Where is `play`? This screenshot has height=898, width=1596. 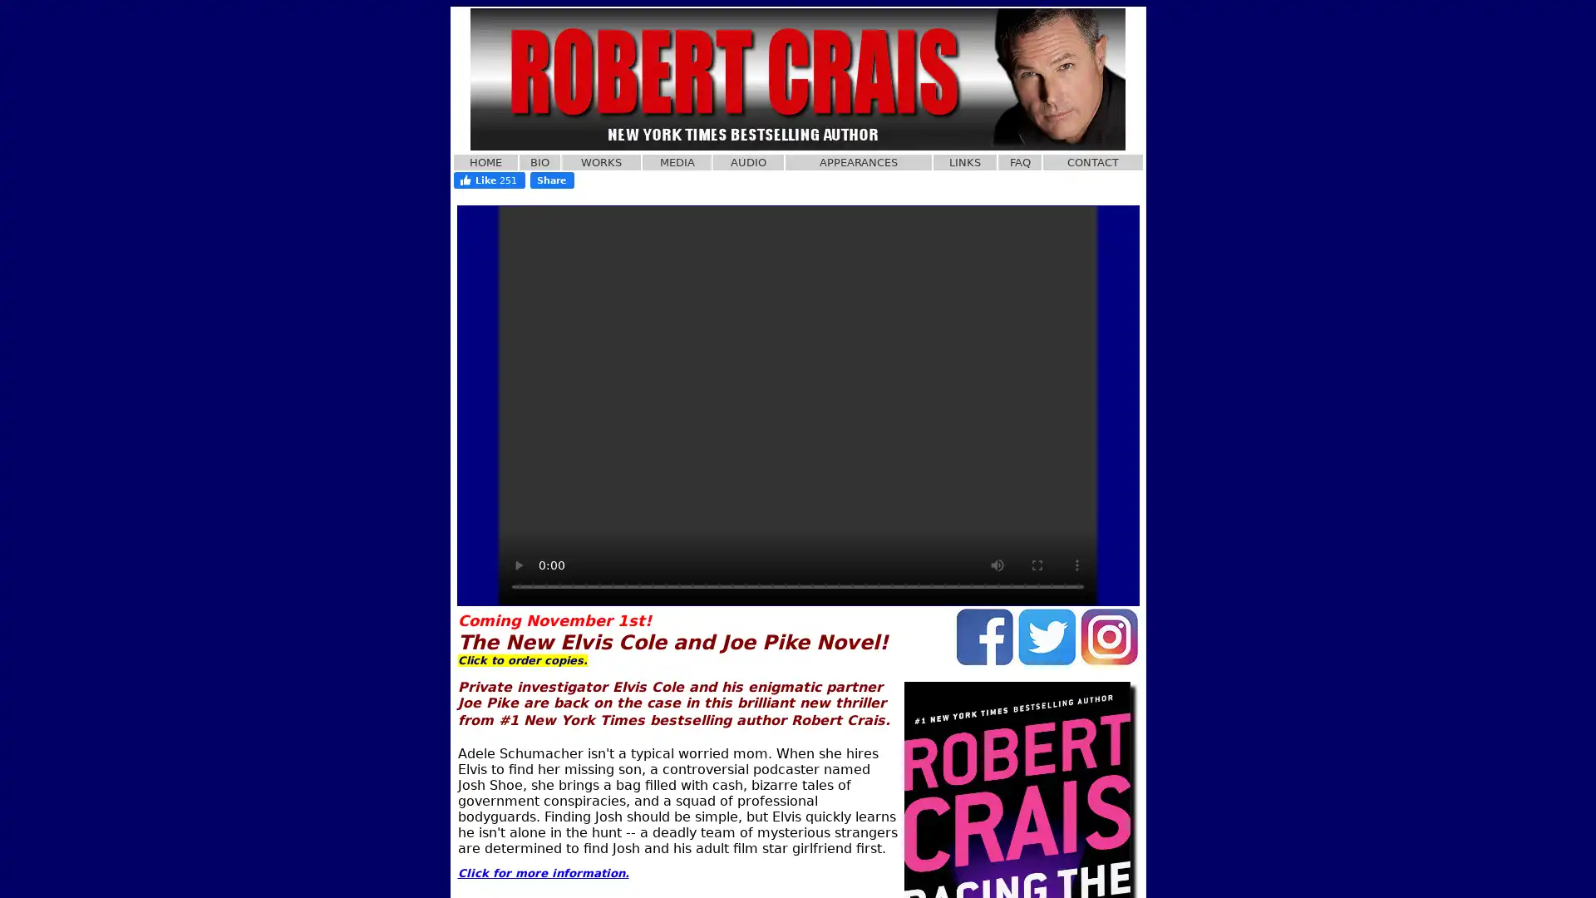
play is located at coordinates (518, 564).